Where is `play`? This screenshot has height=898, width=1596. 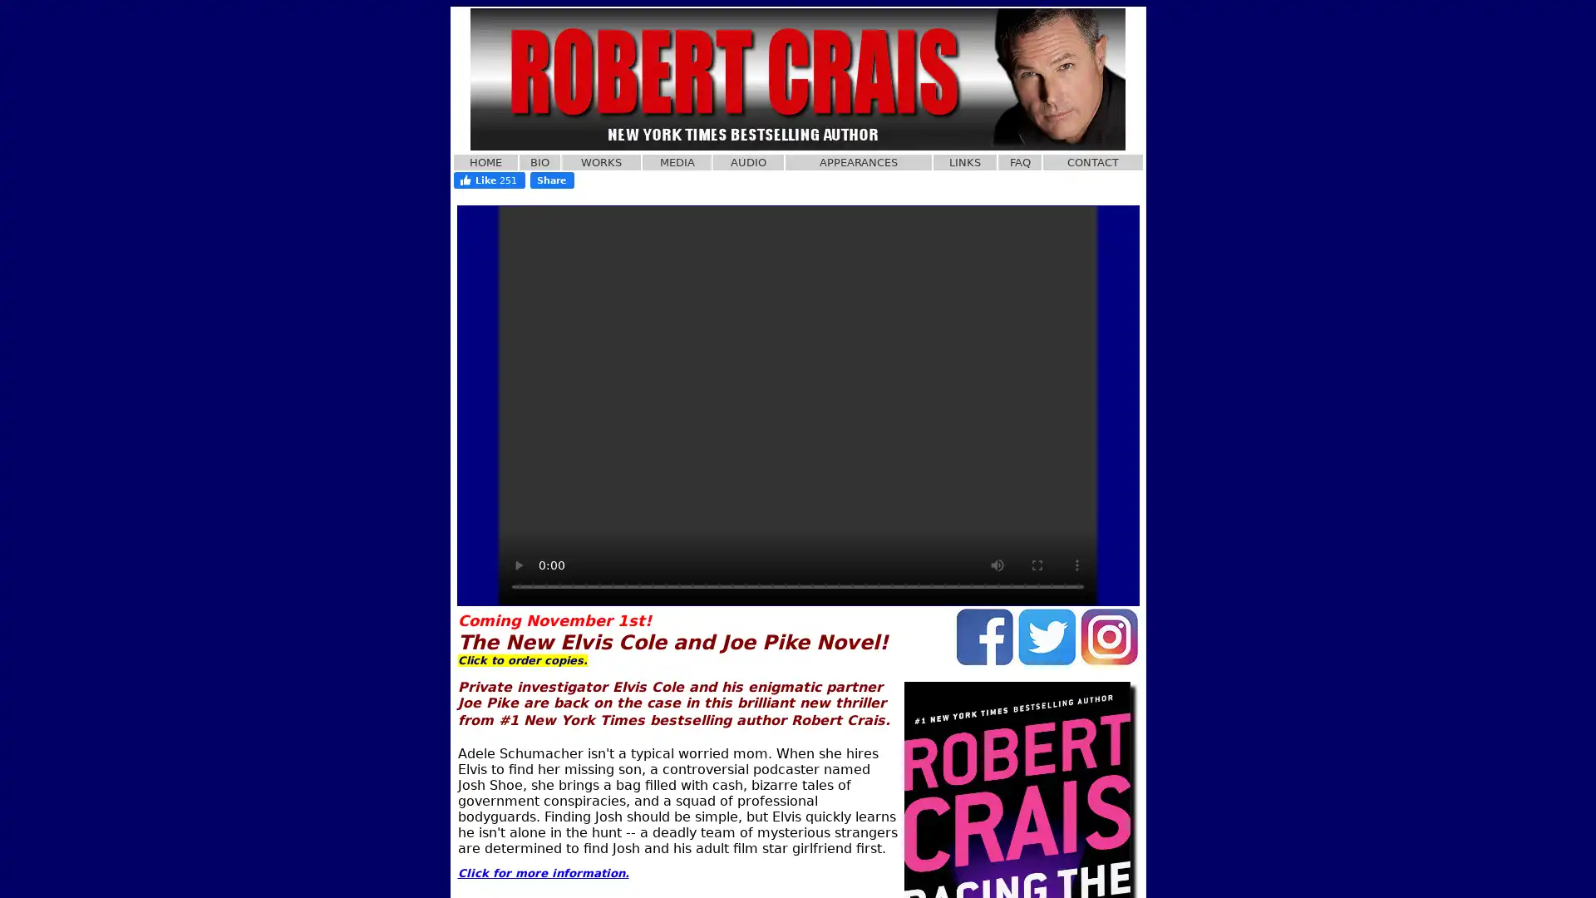
play is located at coordinates (518, 564).